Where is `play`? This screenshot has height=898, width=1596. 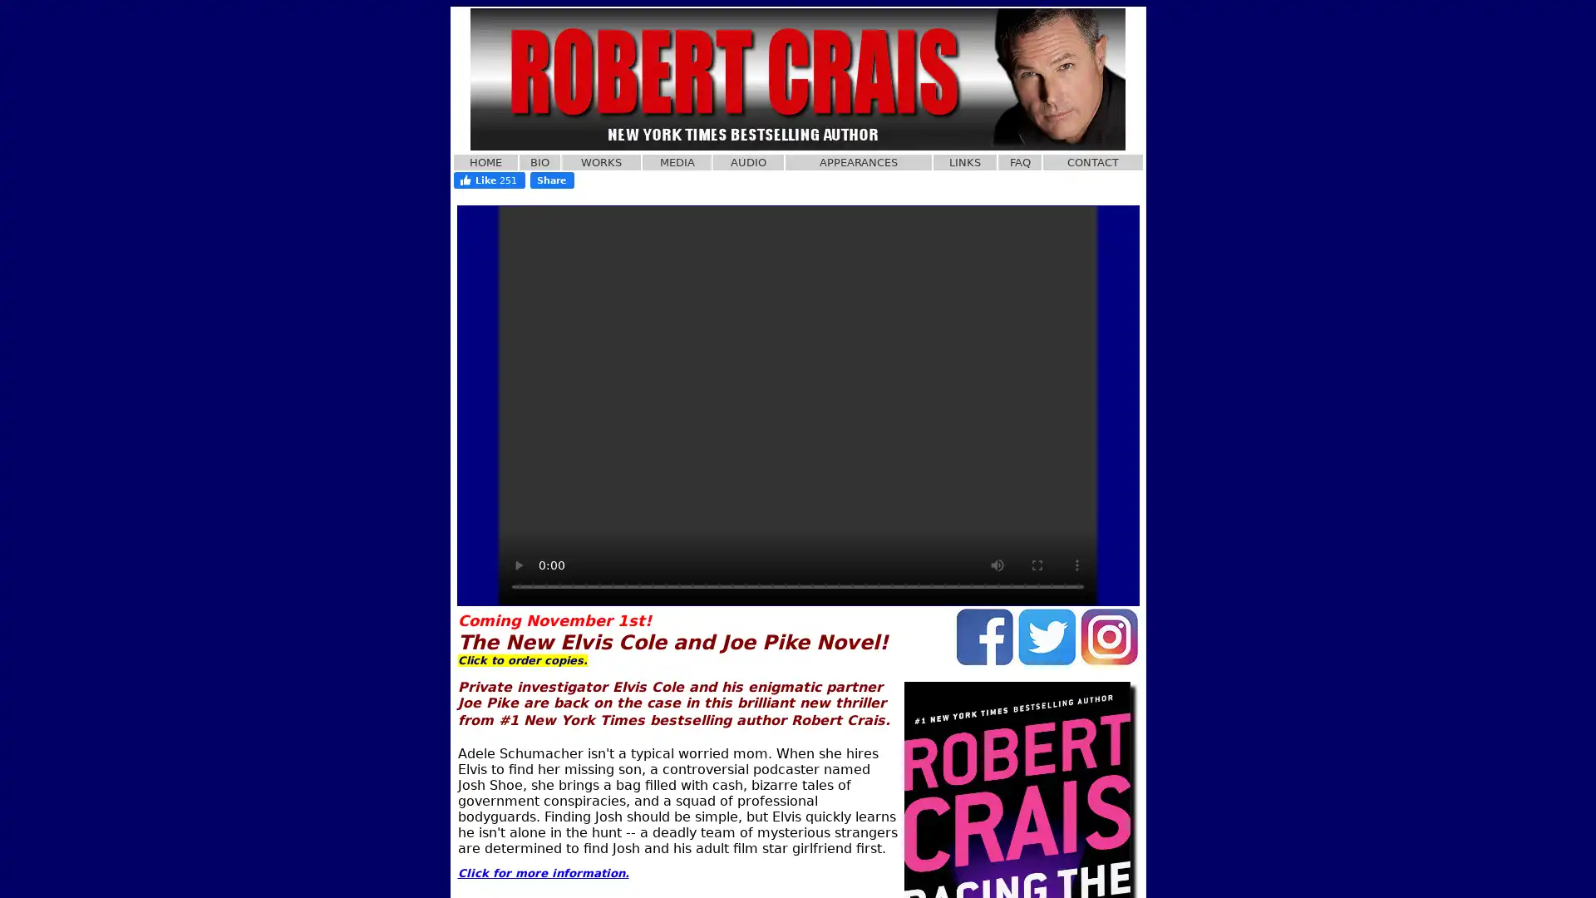
play is located at coordinates (518, 564).